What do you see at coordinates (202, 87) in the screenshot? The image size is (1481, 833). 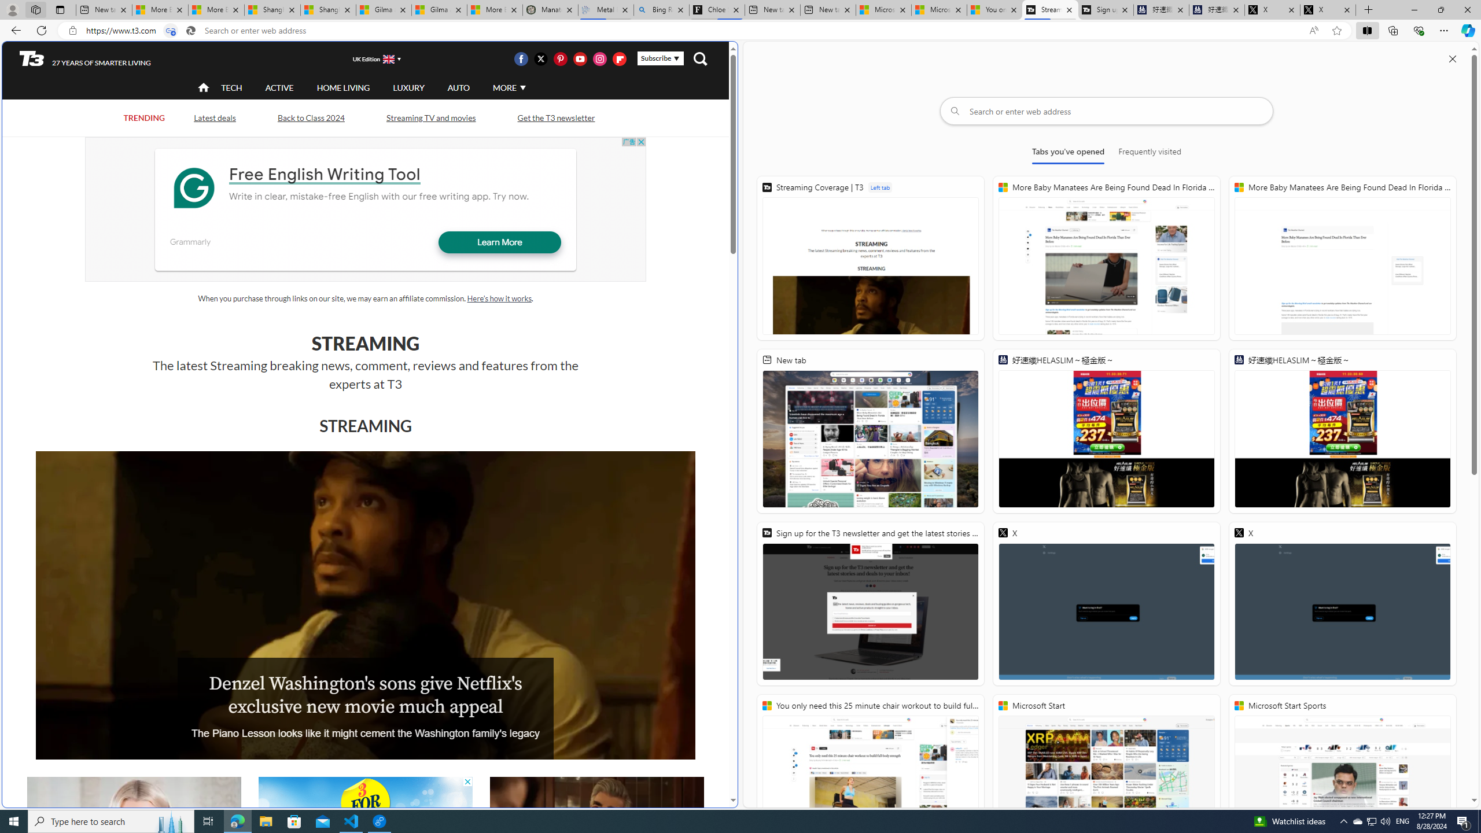 I see `'Class: navigation__item'` at bounding box center [202, 87].